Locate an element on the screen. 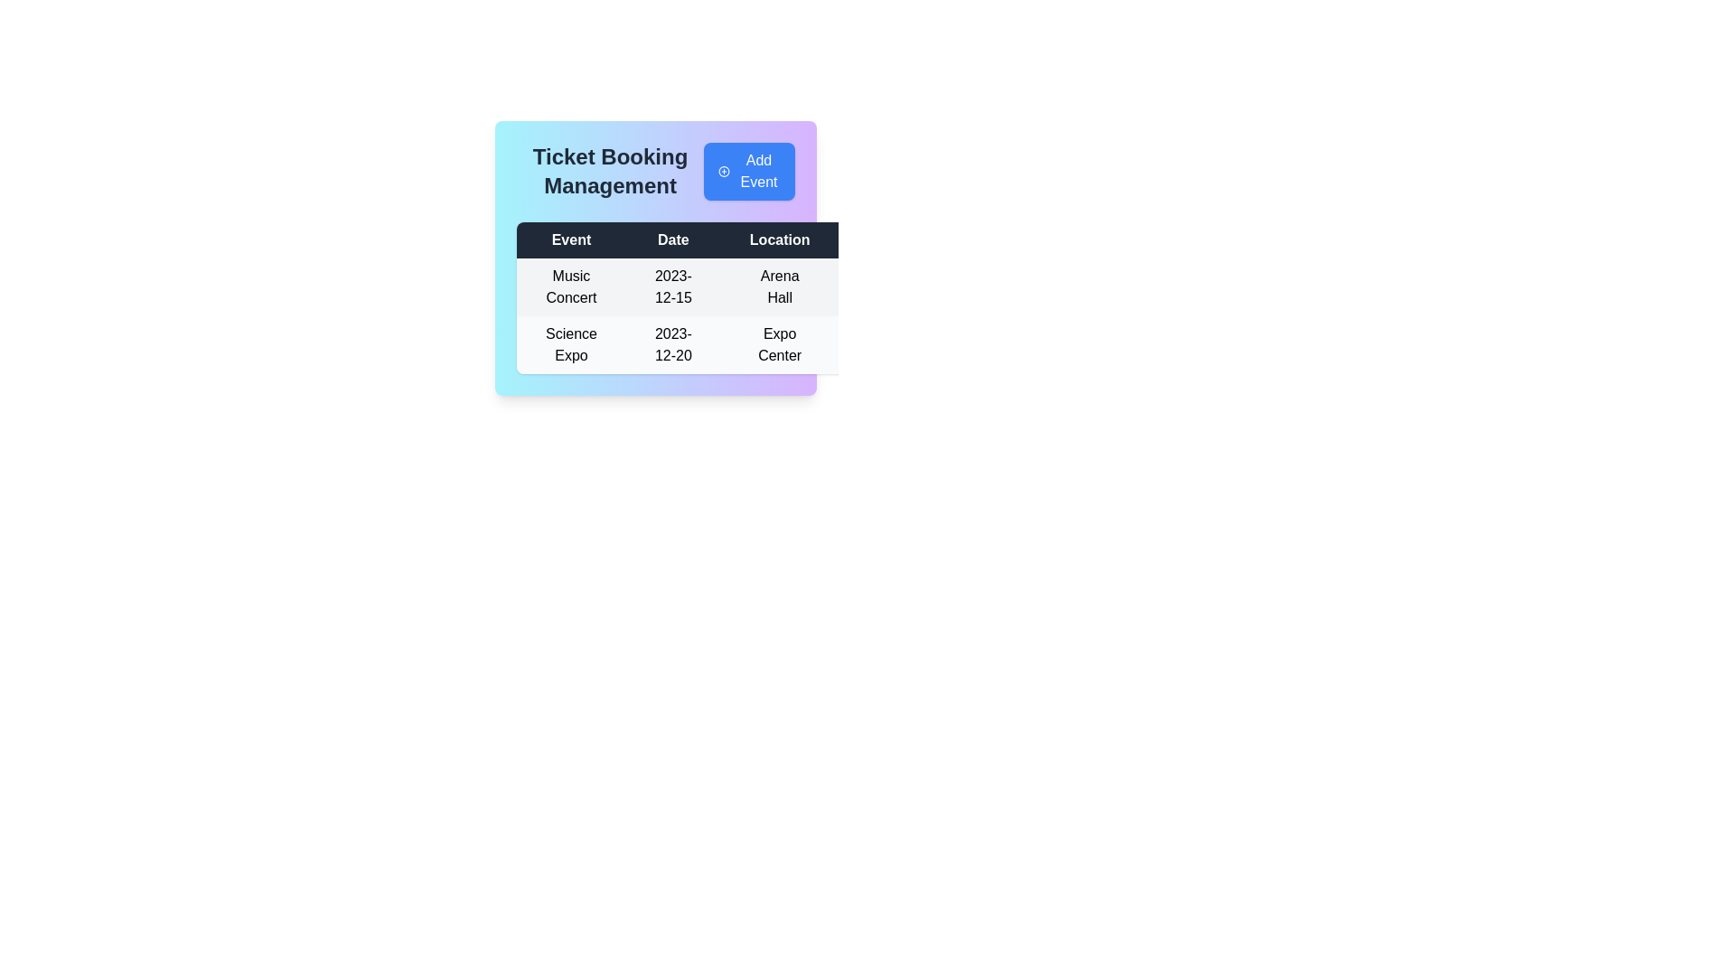  the header label identifying the 'Event' column in the tabular structure is located at coordinates (570, 239).